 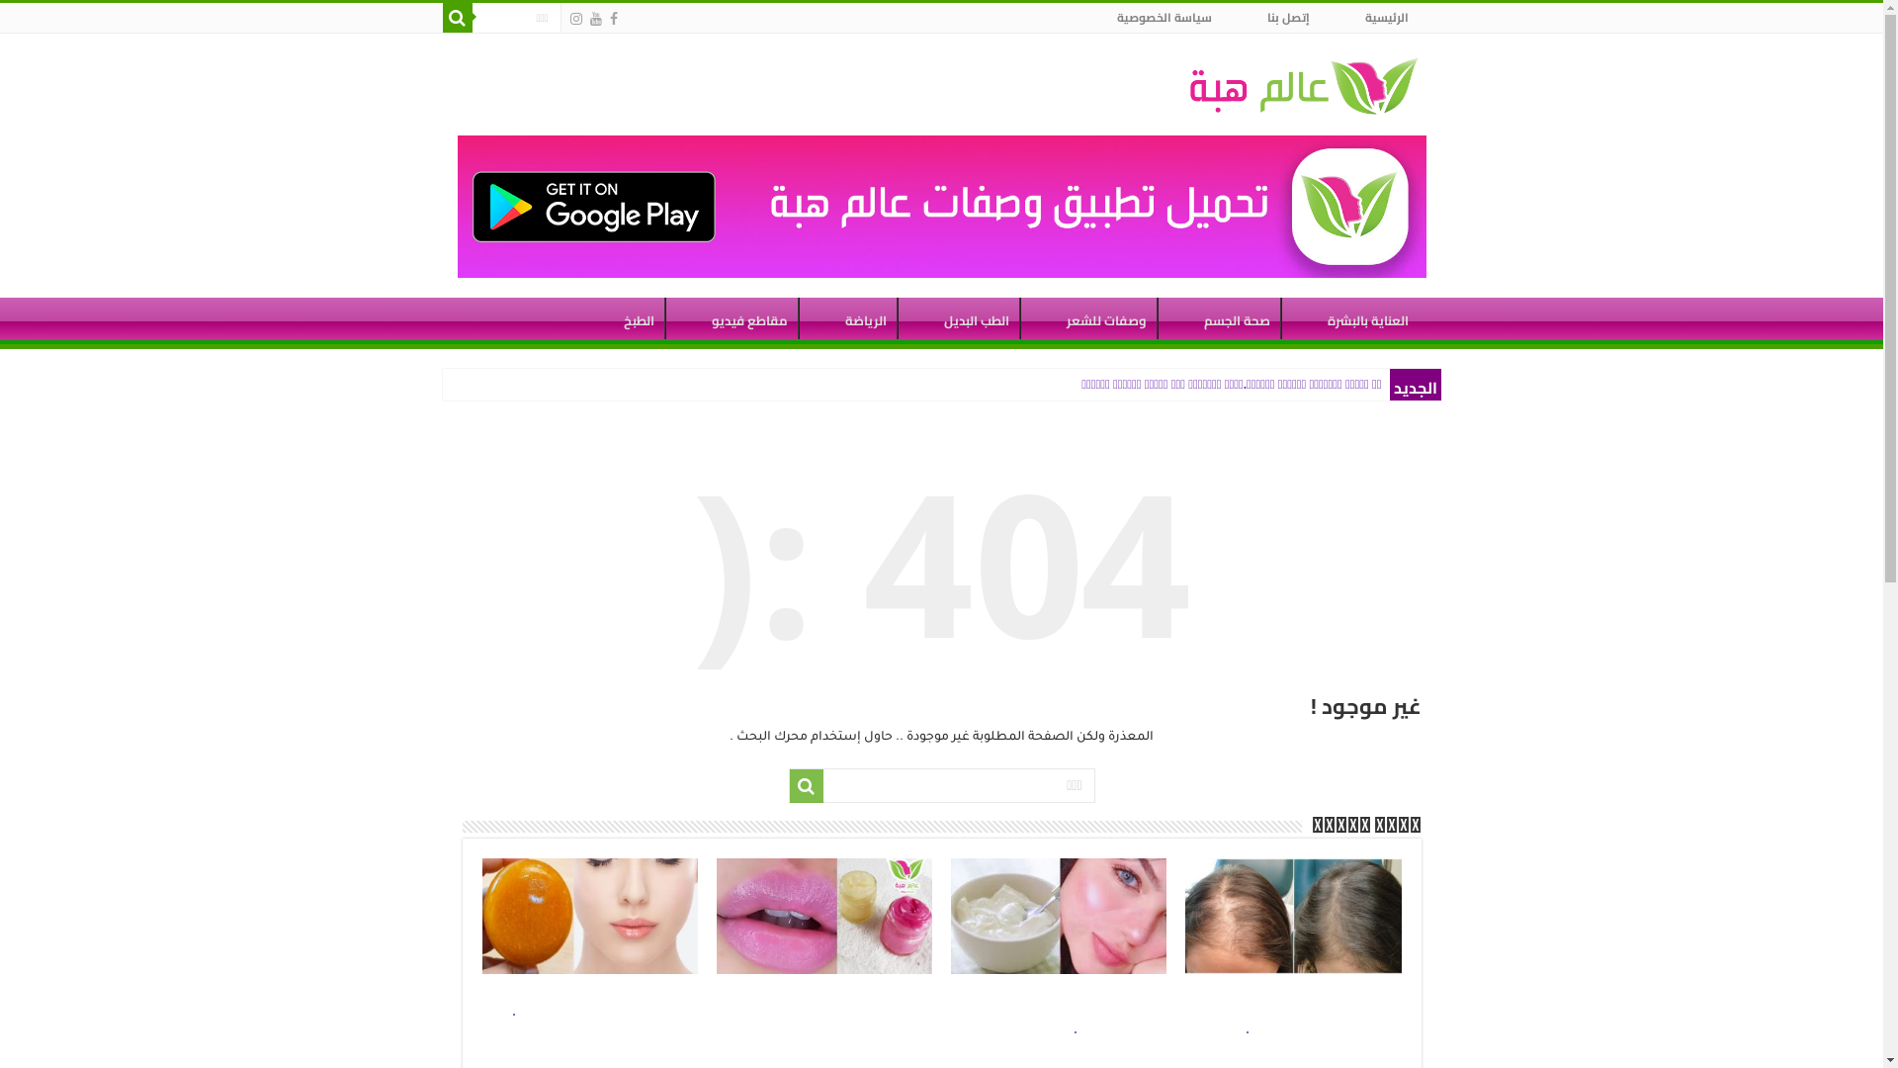 What do you see at coordinates (573, 19) in the screenshot?
I see `'instagram'` at bounding box center [573, 19].